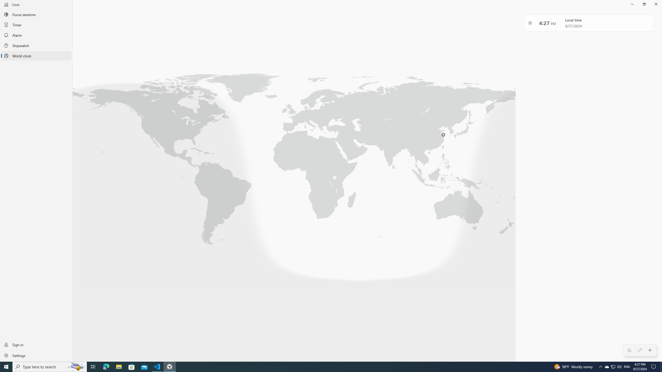 Image resolution: width=662 pixels, height=372 pixels. What do you see at coordinates (36, 25) in the screenshot?
I see `'Timer'` at bounding box center [36, 25].